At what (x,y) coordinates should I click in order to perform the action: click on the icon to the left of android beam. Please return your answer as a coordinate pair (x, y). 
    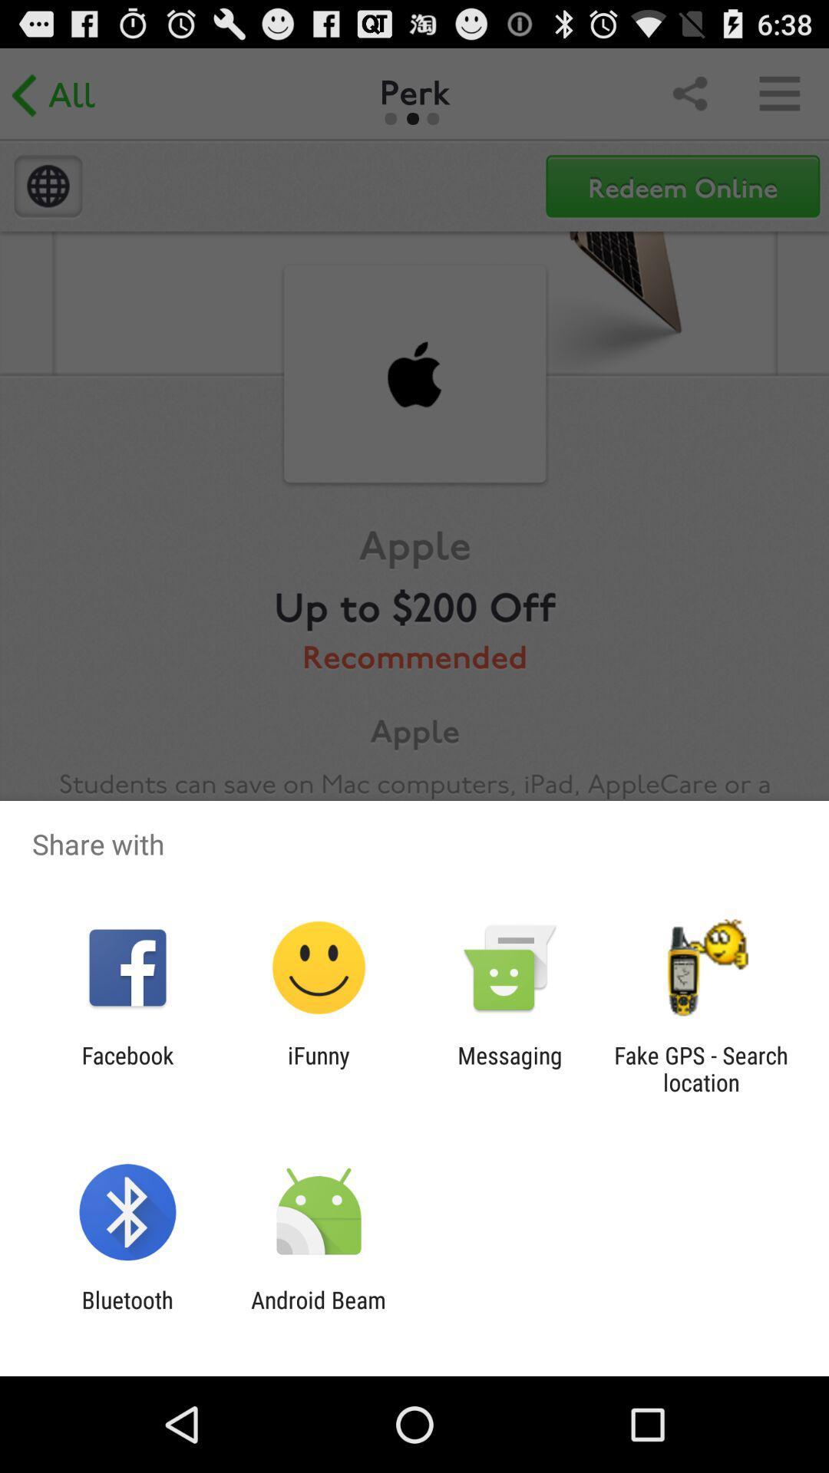
    Looking at the image, I should click on (127, 1313).